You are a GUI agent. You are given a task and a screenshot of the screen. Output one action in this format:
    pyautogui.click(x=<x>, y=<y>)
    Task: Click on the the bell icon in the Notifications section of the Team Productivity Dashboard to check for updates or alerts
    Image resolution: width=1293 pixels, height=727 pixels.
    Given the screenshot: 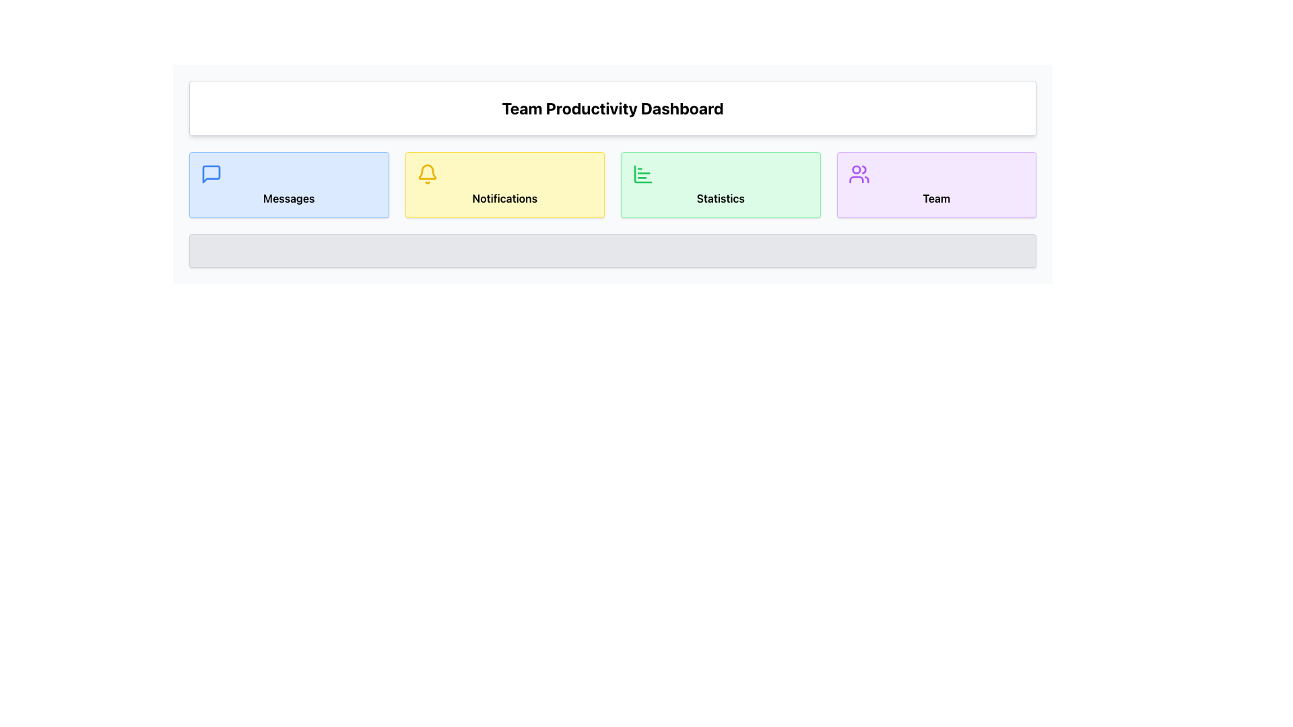 What is the action you would take?
    pyautogui.click(x=426, y=173)
    